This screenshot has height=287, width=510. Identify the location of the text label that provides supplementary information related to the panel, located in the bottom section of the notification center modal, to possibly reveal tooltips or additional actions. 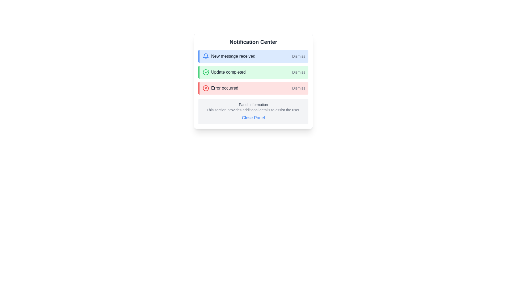
(253, 109).